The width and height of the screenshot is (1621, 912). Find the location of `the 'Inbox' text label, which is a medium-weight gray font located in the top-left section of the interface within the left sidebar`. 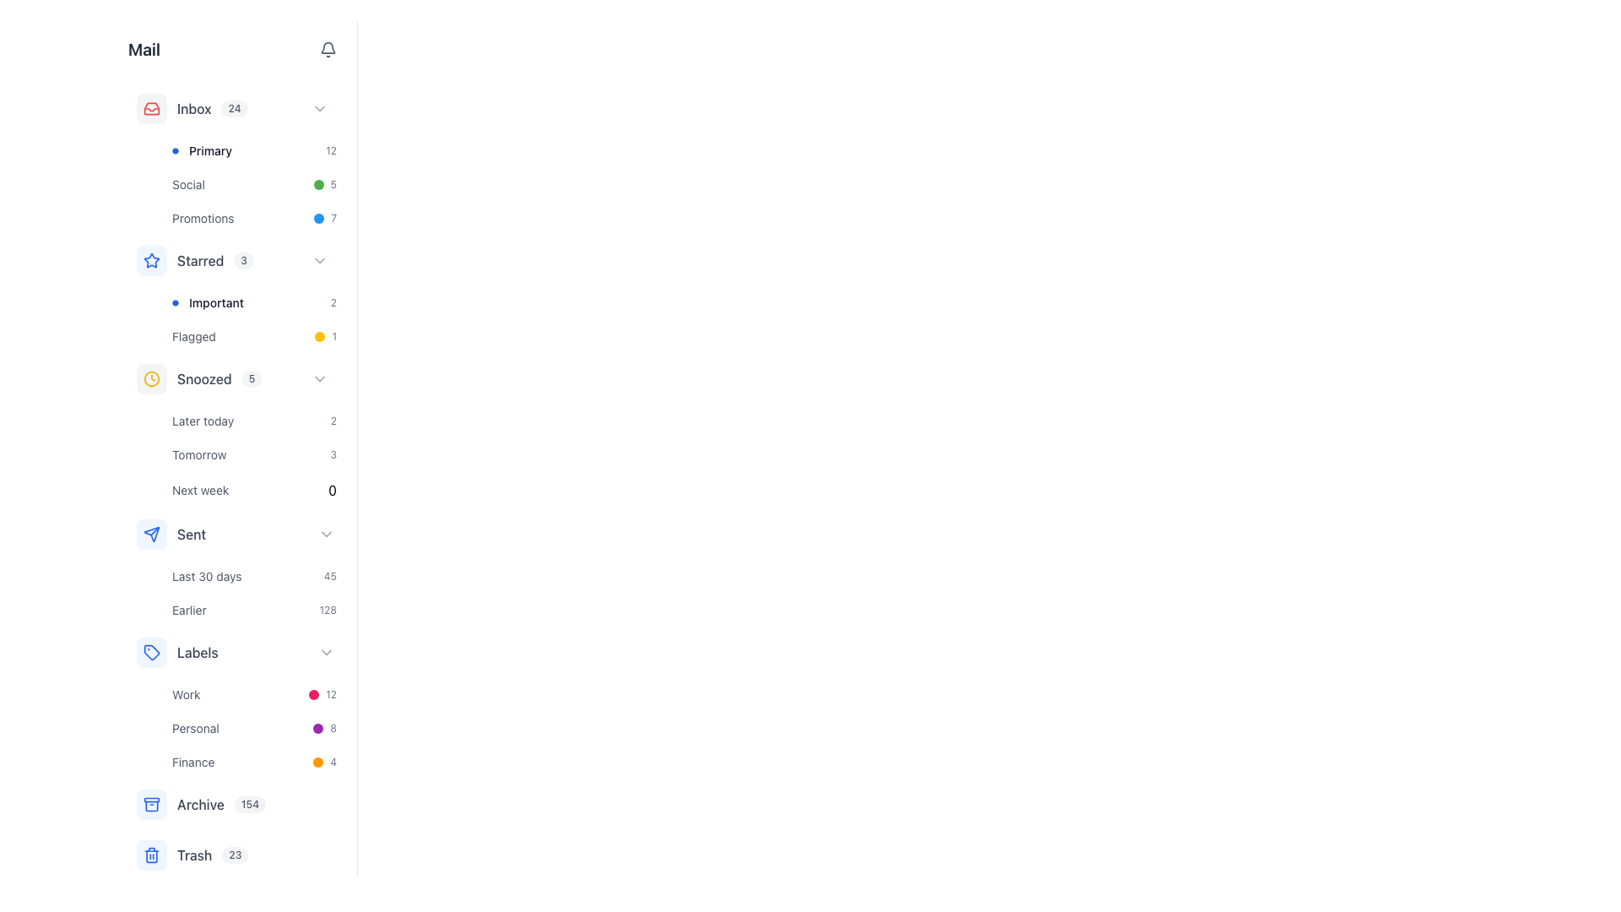

the 'Inbox' text label, which is a medium-weight gray font located in the top-left section of the interface within the left sidebar is located at coordinates (194, 108).